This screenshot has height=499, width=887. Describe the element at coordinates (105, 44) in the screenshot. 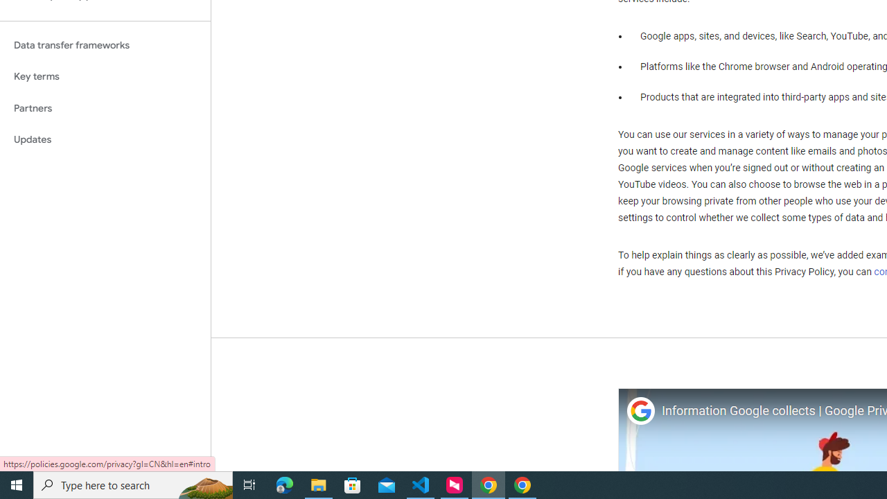

I see `'Data transfer frameworks'` at that location.